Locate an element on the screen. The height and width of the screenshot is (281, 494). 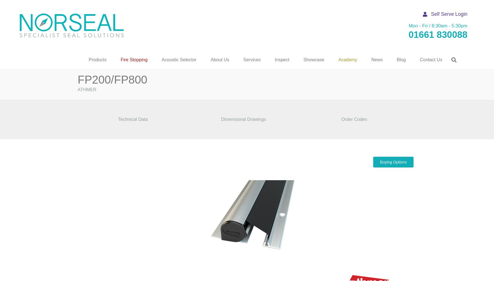
'Fire & Smoke Meeting Stiles' is located at coordinates (56, 106).